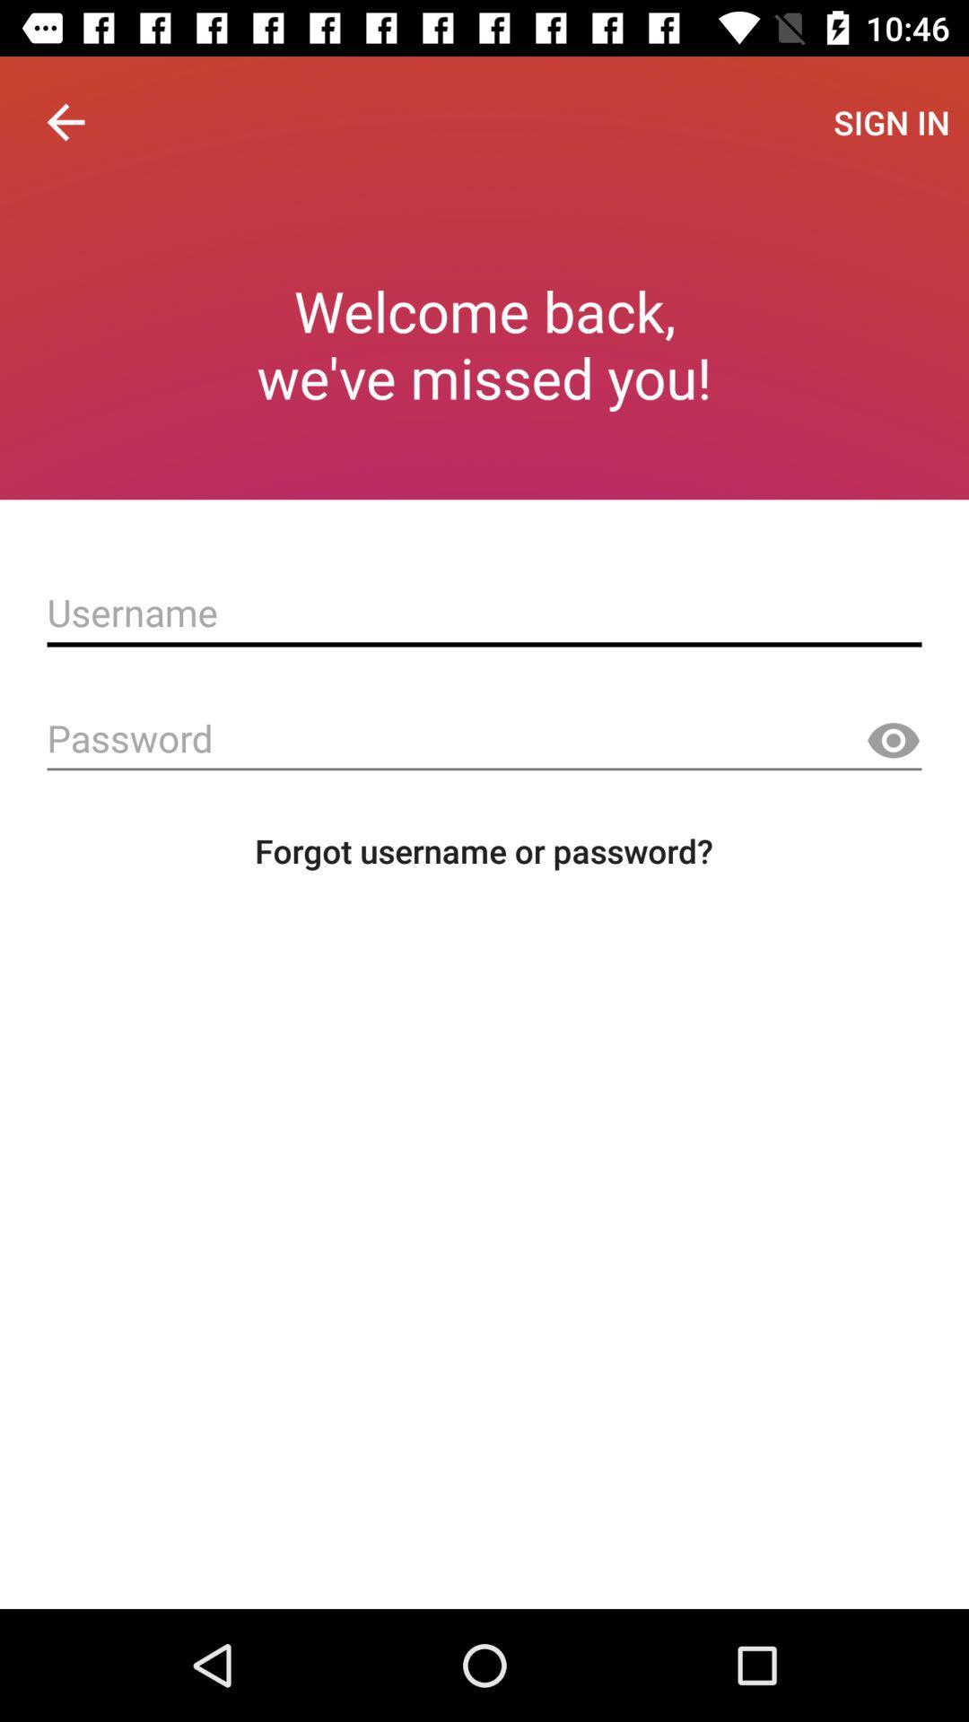  Describe the element at coordinates (893, 741) in the screenshot. I see `the visibility icon` at that location.